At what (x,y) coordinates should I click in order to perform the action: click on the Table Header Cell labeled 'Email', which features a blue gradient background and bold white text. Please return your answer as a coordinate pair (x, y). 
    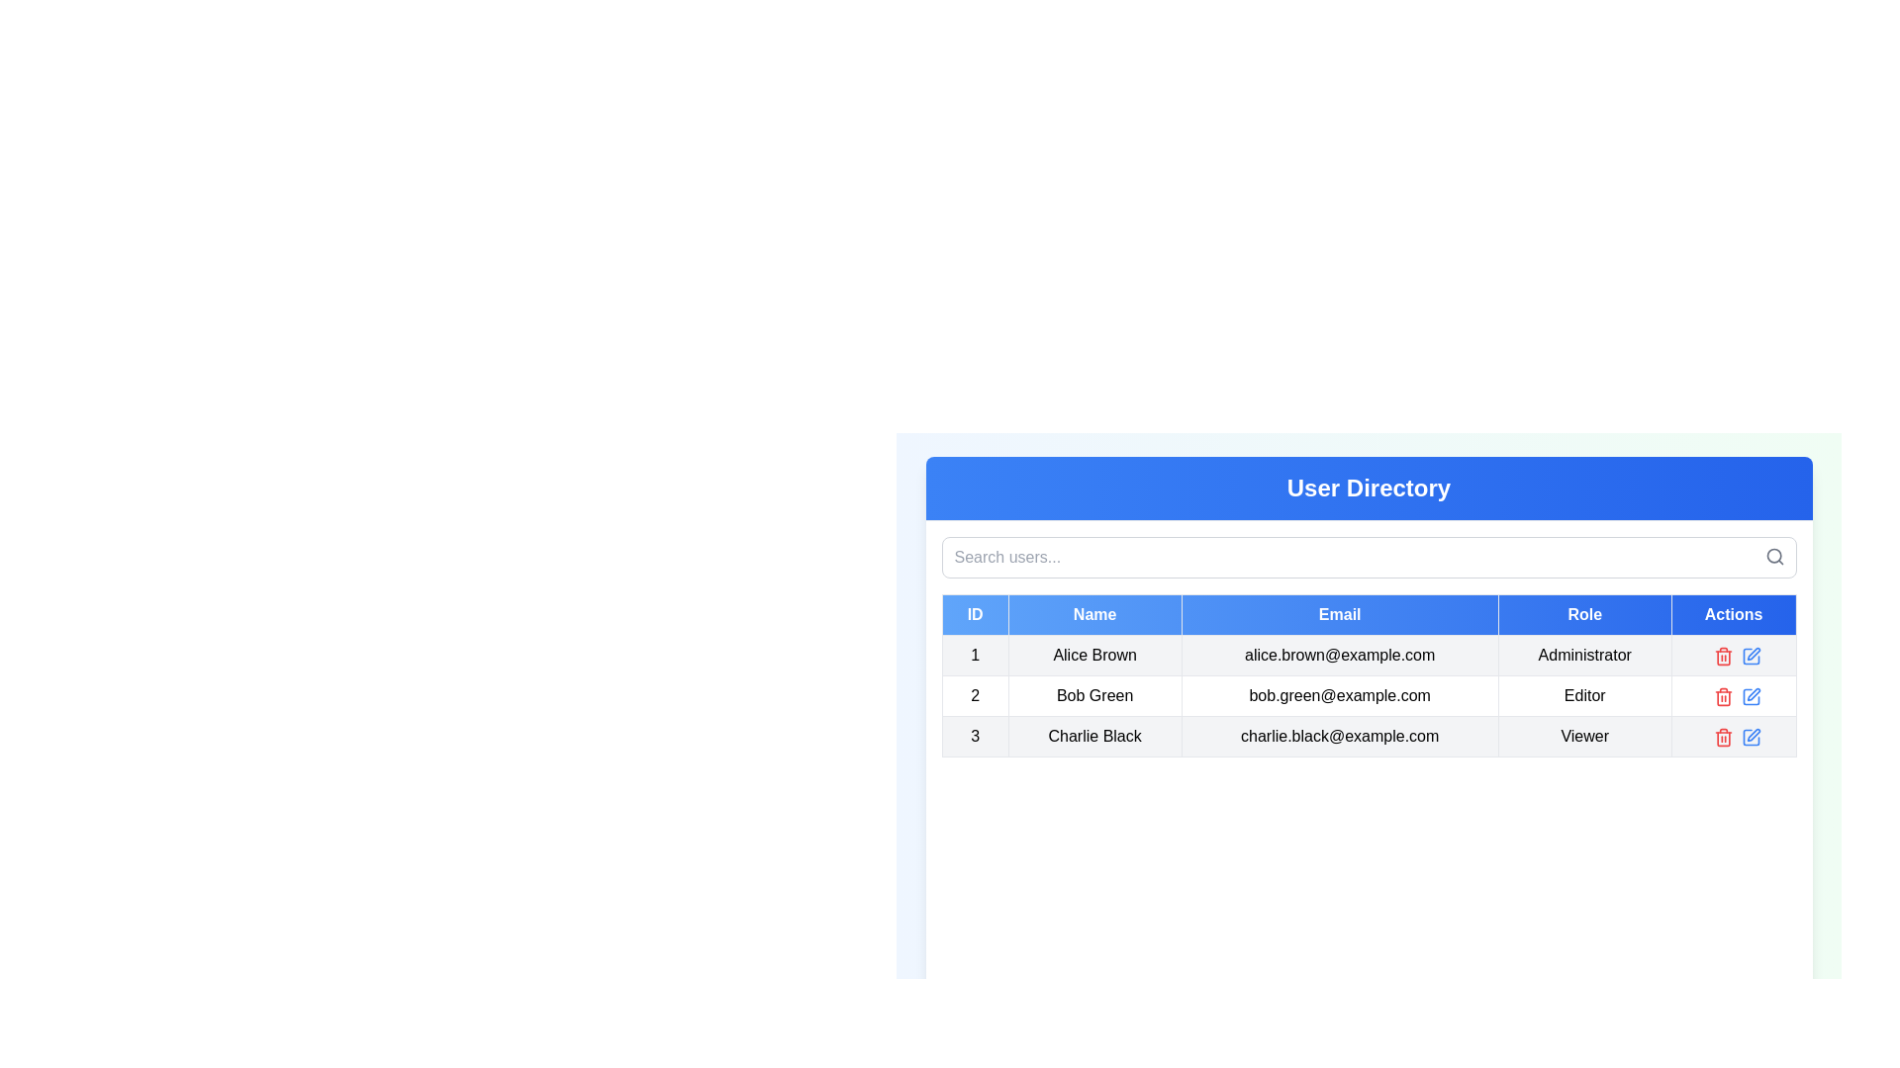
    Looking at the image, I should click on (1340, 613).